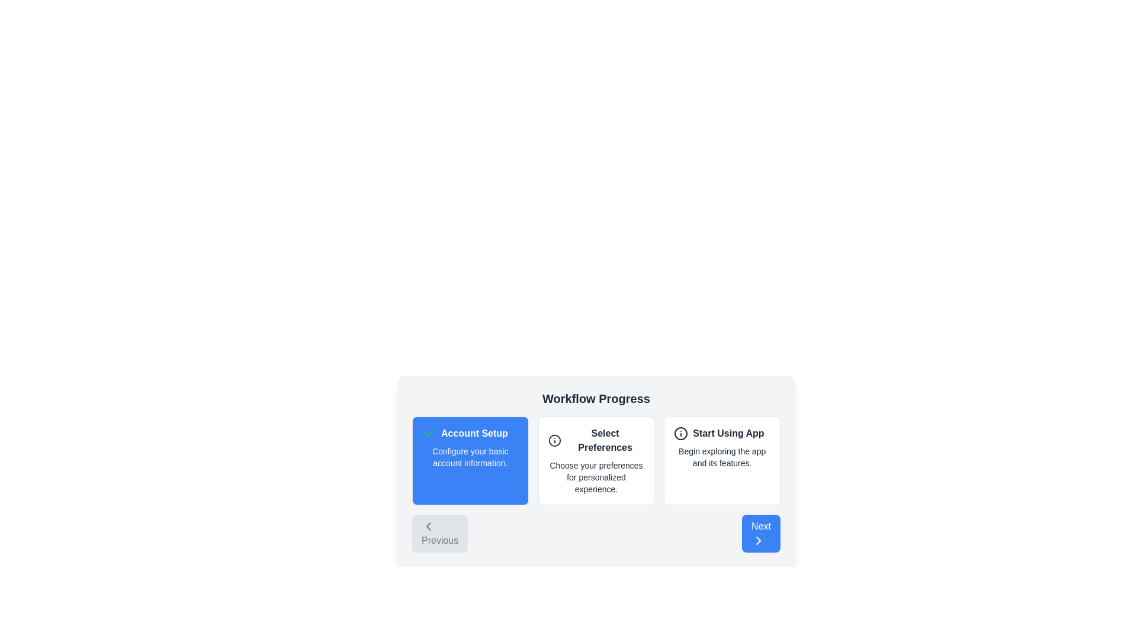 Image resolution: width=1137 pixels, height=639 pixels. I want to click on the navigation bar buttons, so click(596, 534).